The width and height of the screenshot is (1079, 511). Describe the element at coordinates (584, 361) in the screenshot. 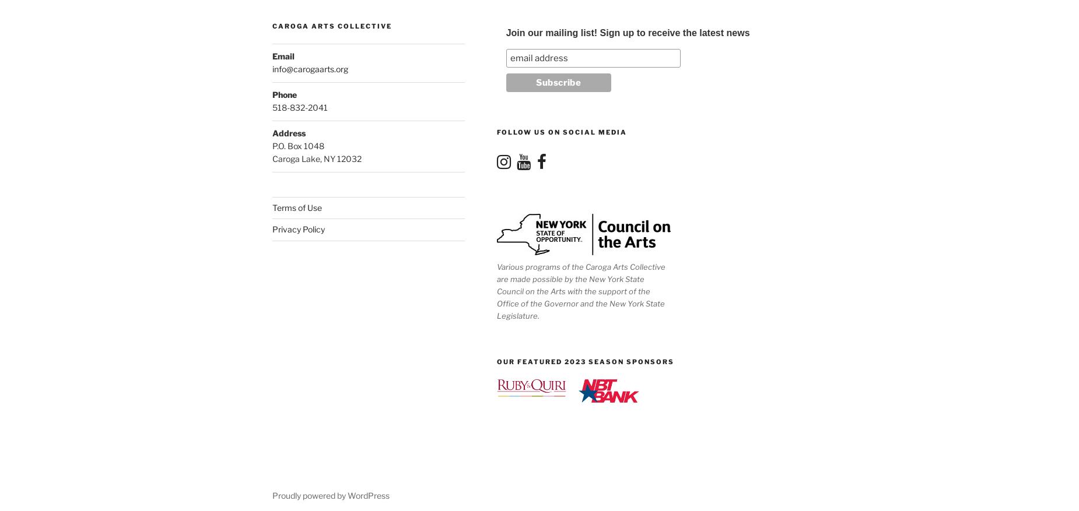

I see `'Our Featured 2023 Season Sponsors'` at that location.